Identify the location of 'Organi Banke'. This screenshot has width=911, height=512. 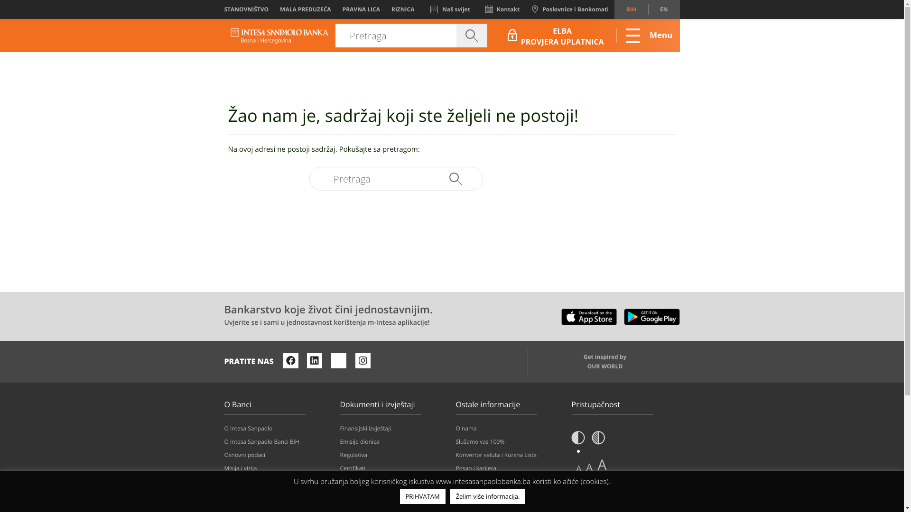
(277, 481).